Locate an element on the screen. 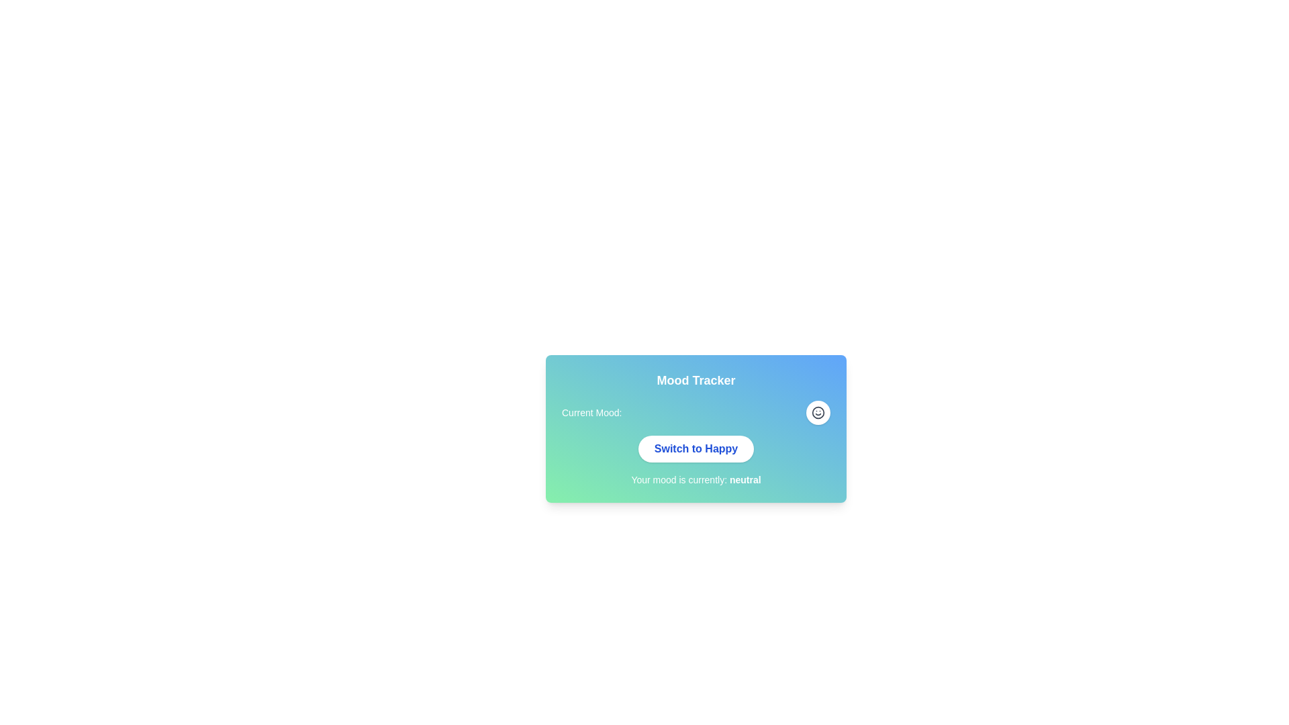 The image size is (1289, 725). the static text label displaying the word 'neutral' which is styled in white against a gradient background and is part of the sentence 'Your mood is currently: neutral' is located at coordinates (745, 479).